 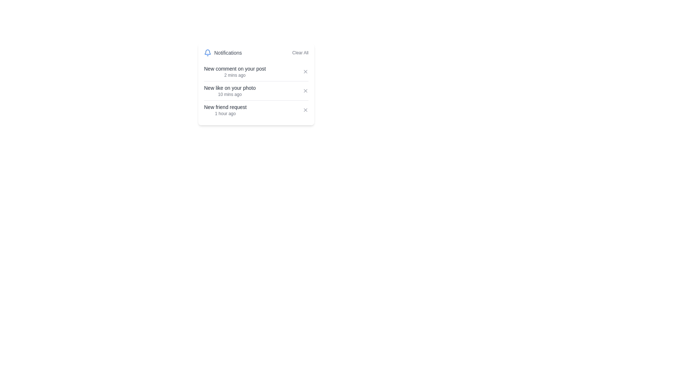 I want to click on the text snippet reading 'New like on your photo' located in the second notification item of the vertical list, directly below 'New comment on your post', so click(x=229, y=88).